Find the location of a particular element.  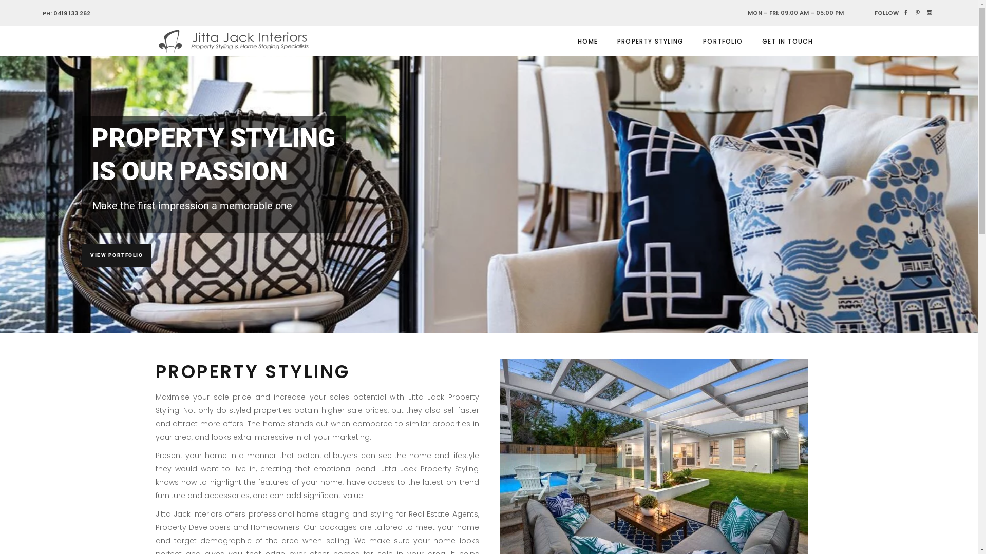

'Portfolio' is located at coordinates (678, 522).